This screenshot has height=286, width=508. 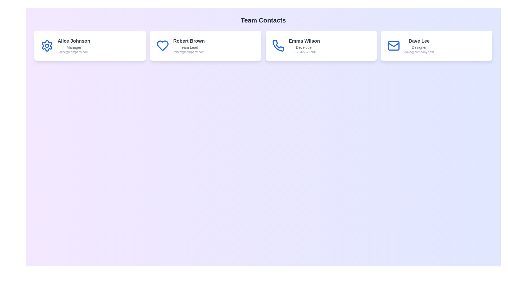 What do you see at coordinates (419, 41) in the screenshot?
I see `the text label that displays the name 'Dave Lee' in the profile card located in the top section of the rightmost card, adjacent to the envelope icon and above the role 'Designer'` at bounding box center [419, 41].